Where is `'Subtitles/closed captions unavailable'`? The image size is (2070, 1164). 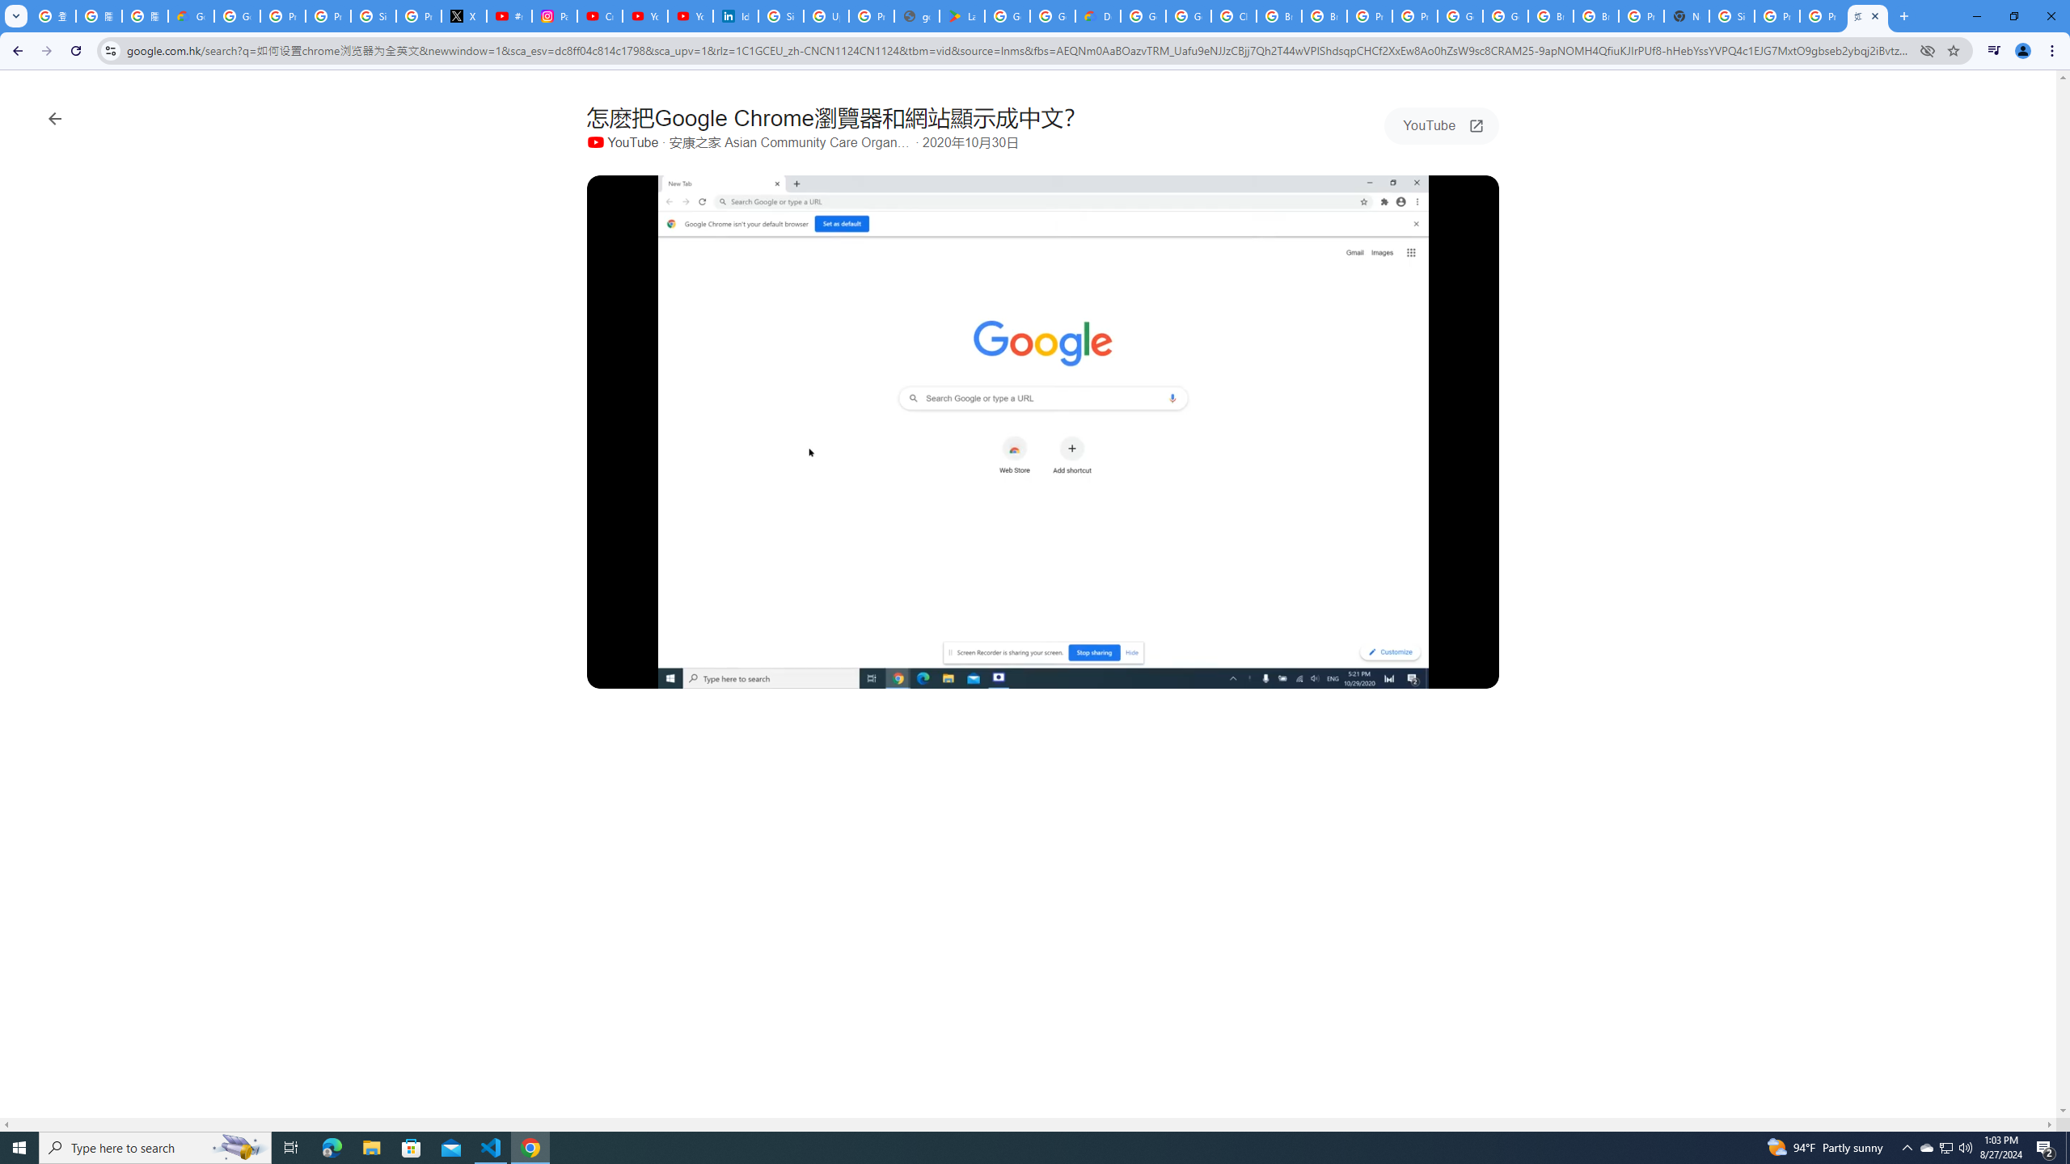
'Subtitles/closed captions unavailable' is located at coordinates (1354, 672).